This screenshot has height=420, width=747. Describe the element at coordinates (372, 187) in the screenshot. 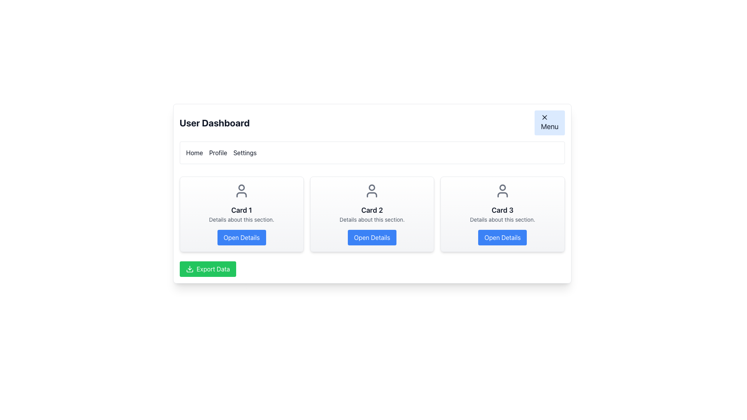

I see `the Decorative SVG Circle Element which is part of the user profile icon on the second card in the User Dashboard, located in the upper part of the card` at that location.